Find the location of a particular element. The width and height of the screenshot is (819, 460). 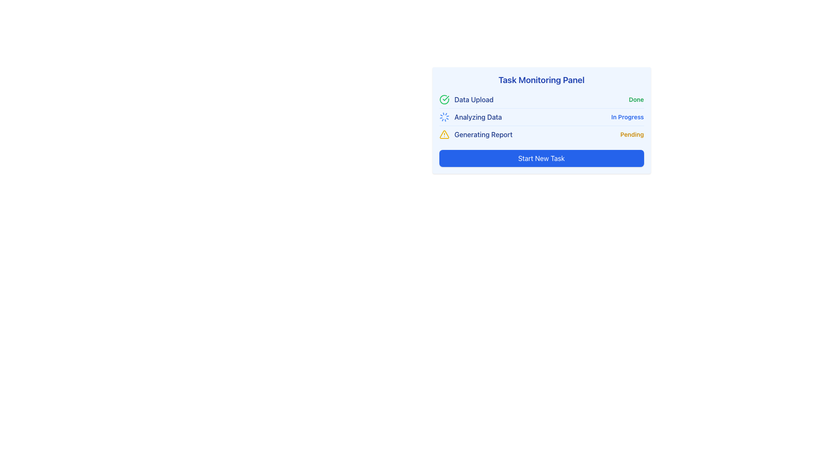

the Header Text element that serves as a descriptive header for the panel, indicating the purpose of the area it belongs to is located at coordinates (541, 80).